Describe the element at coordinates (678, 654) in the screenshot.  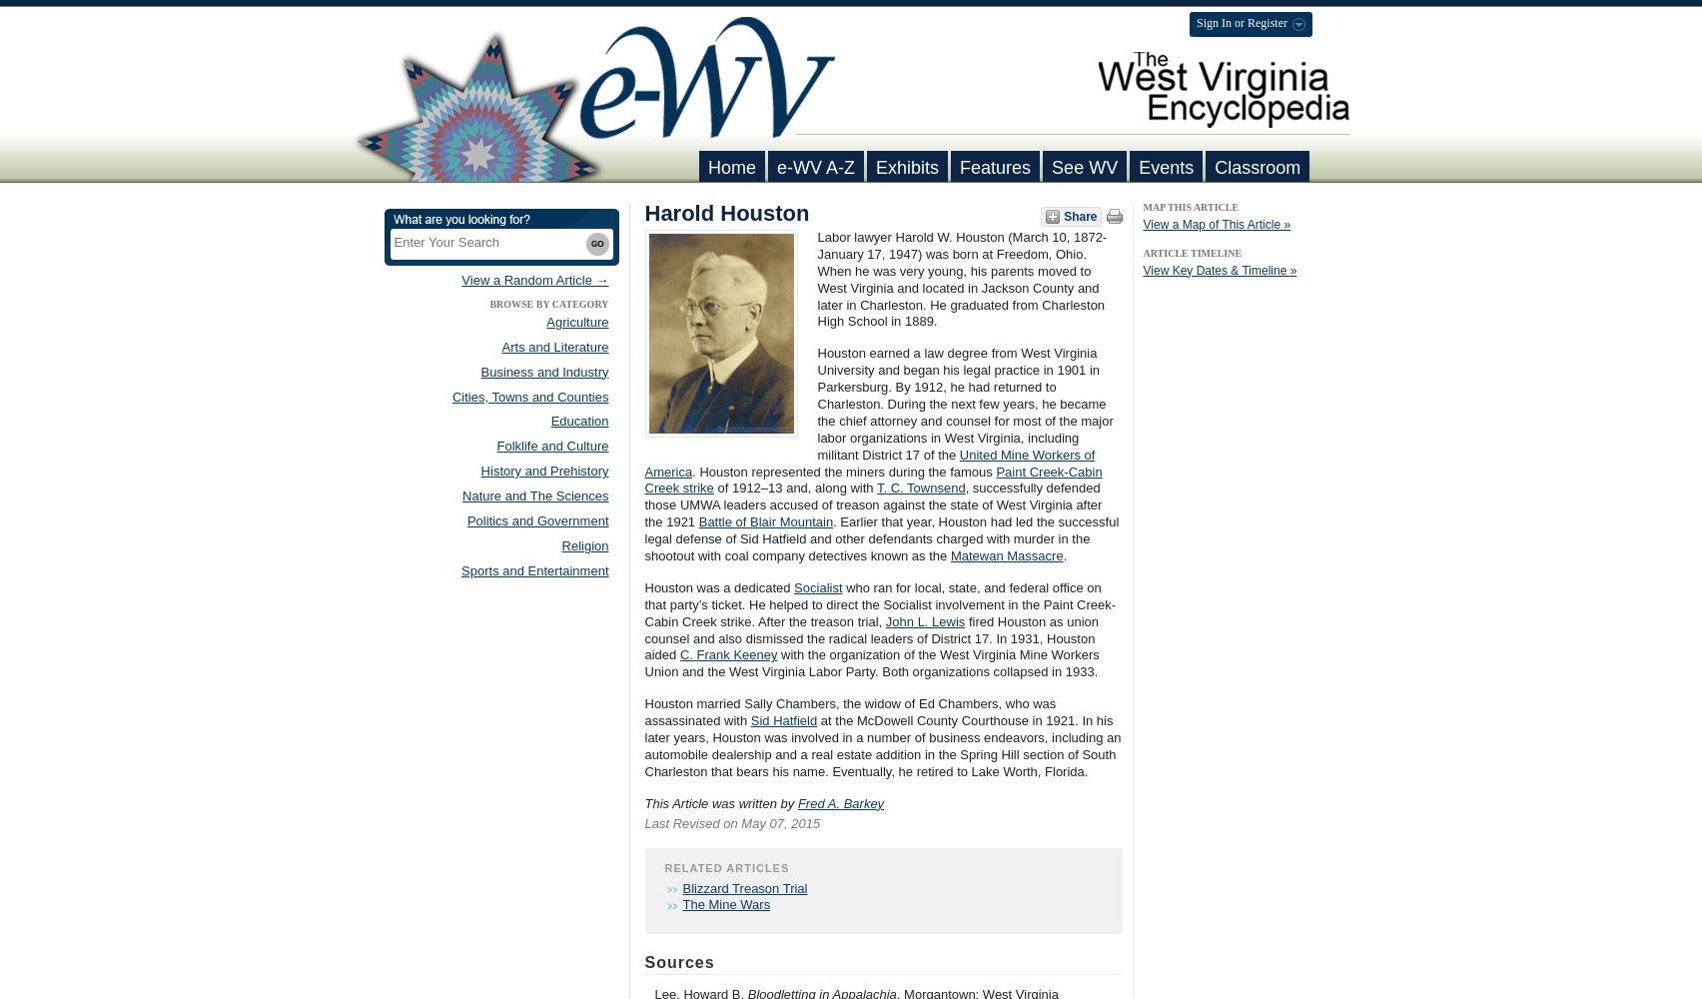
I see `'C. Frank Keeney'` at that location.